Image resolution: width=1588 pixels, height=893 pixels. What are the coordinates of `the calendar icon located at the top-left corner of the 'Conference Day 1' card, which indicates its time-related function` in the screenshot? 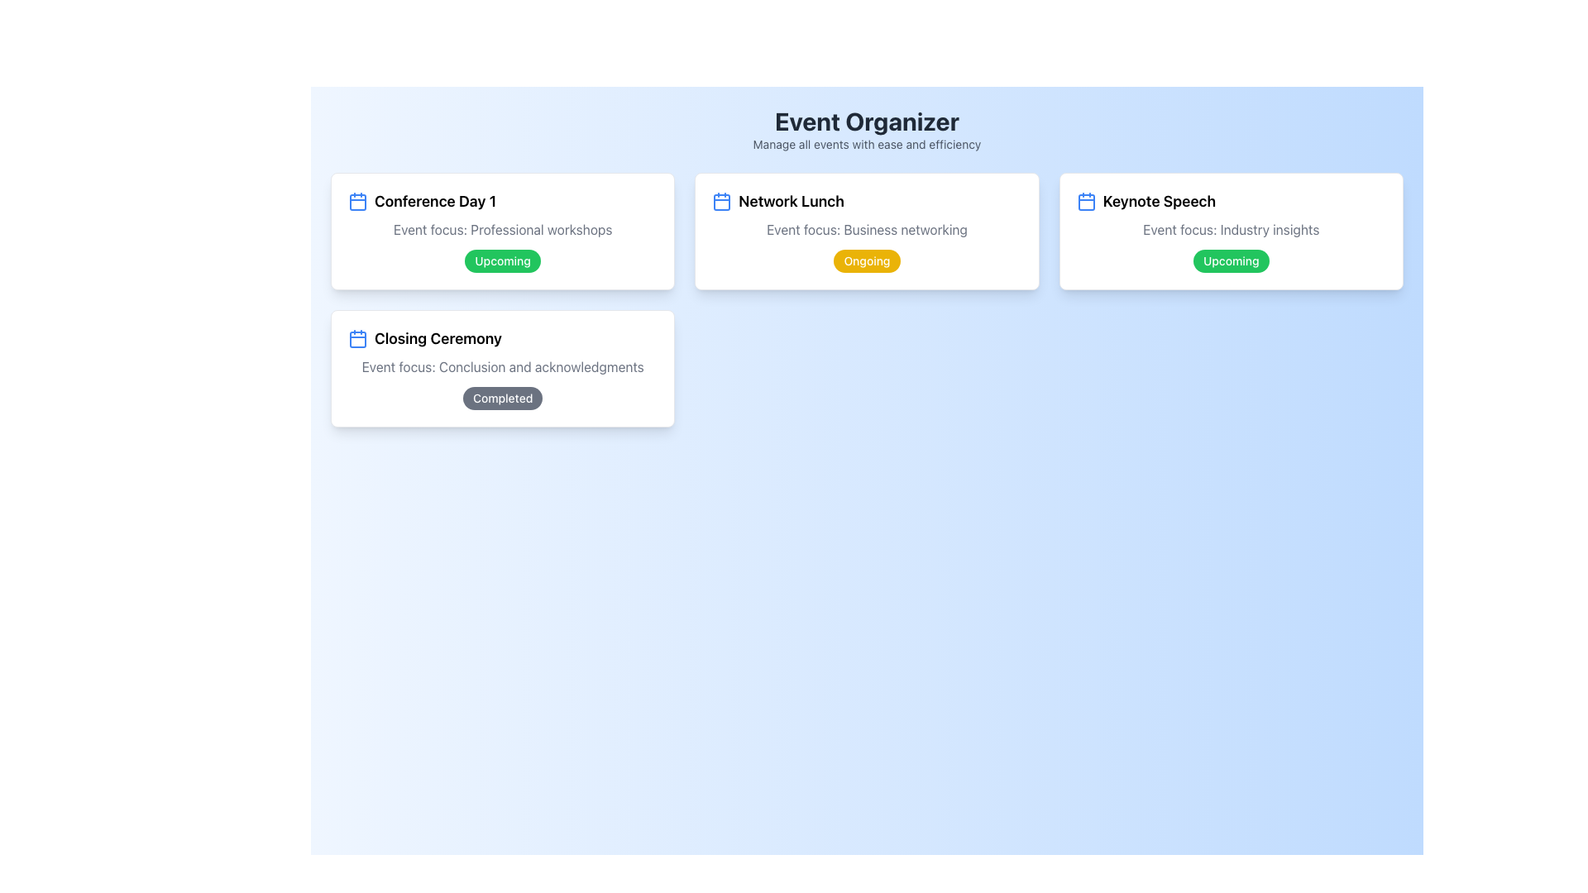 It's located at (356, 200).